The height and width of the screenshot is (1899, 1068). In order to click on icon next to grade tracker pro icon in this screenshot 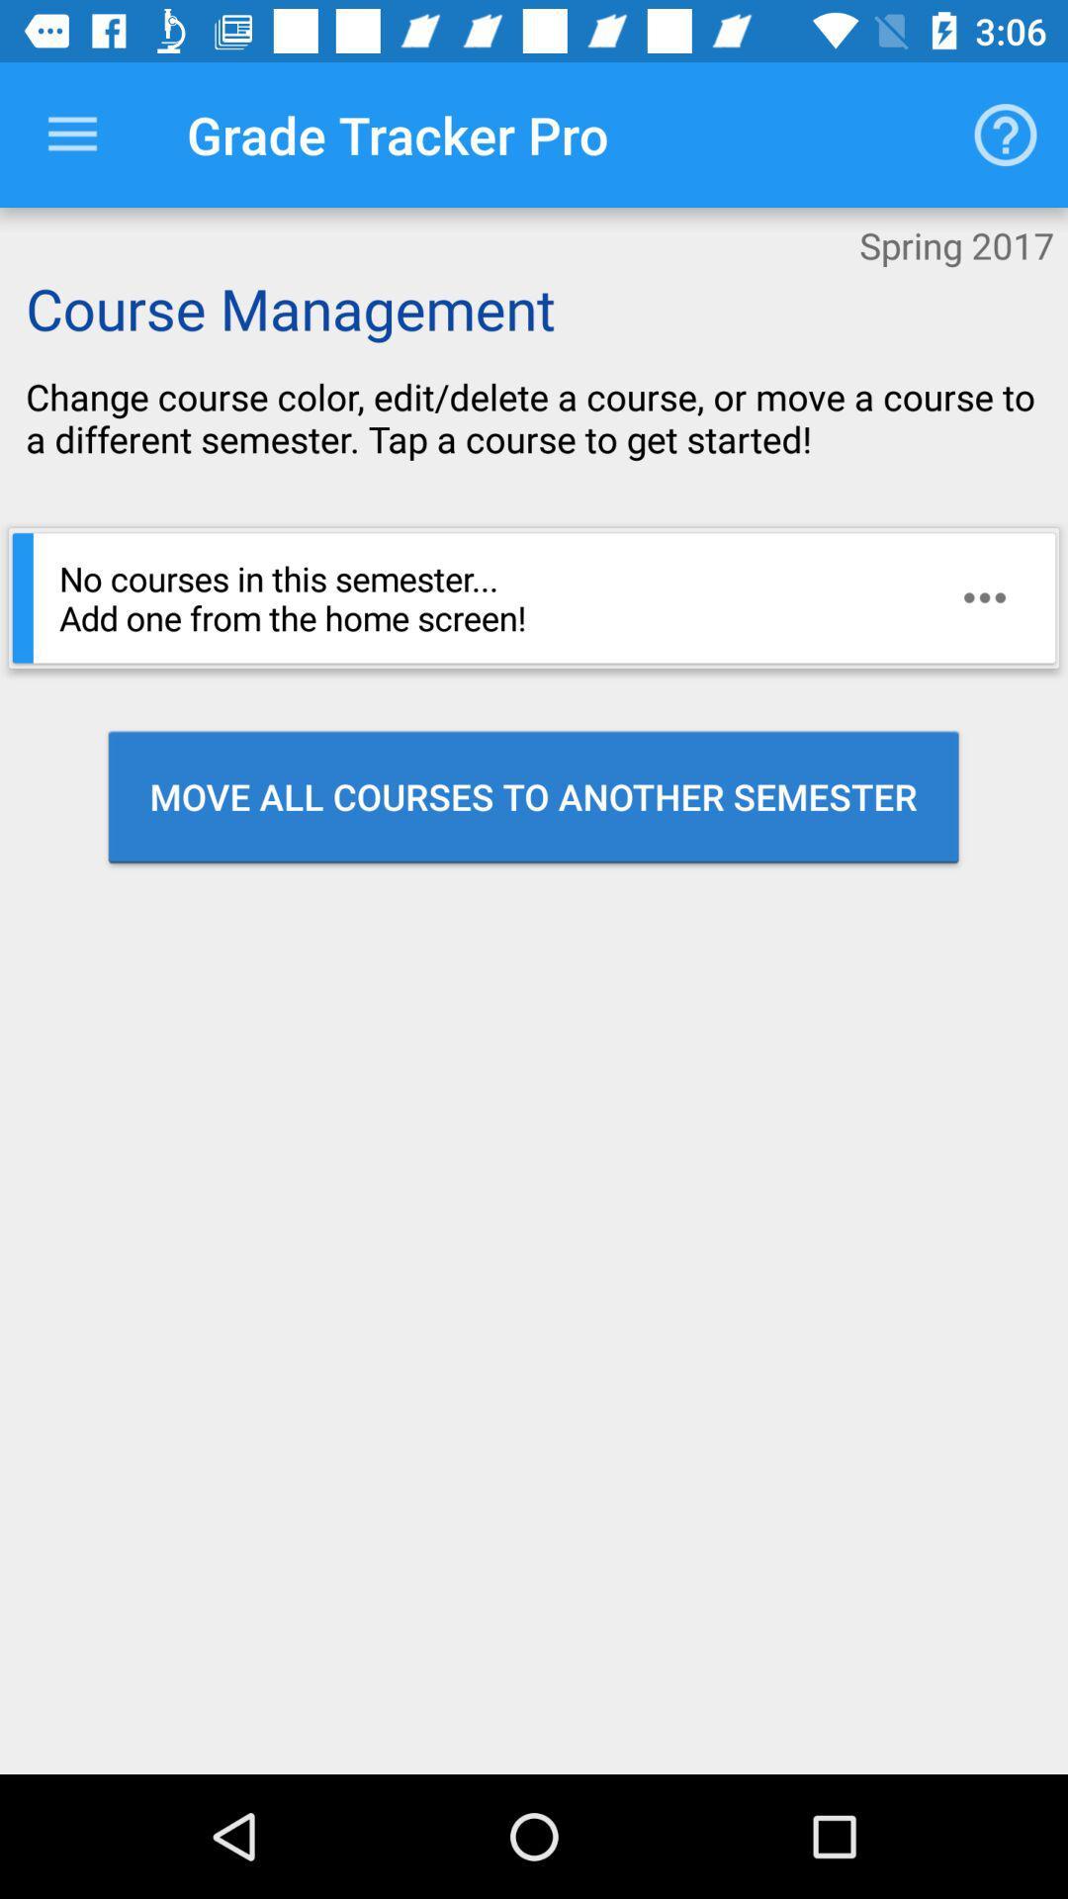, I will do `click(71, 134)`.